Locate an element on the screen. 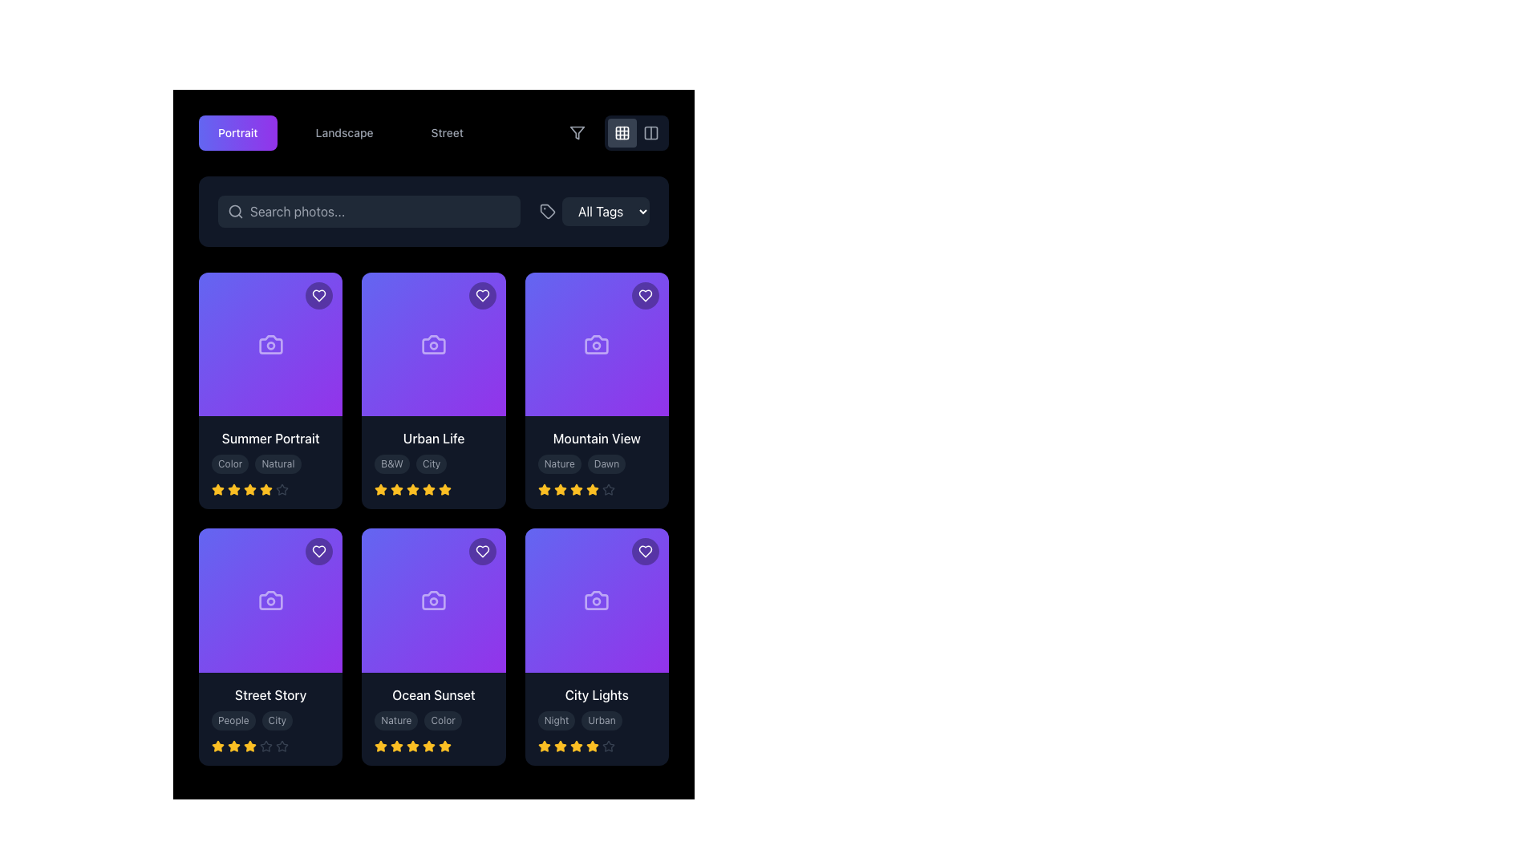  the purple heart icon located in the top right corner of the 'Ocean Sunset' card is located at coordinates (481, 551).